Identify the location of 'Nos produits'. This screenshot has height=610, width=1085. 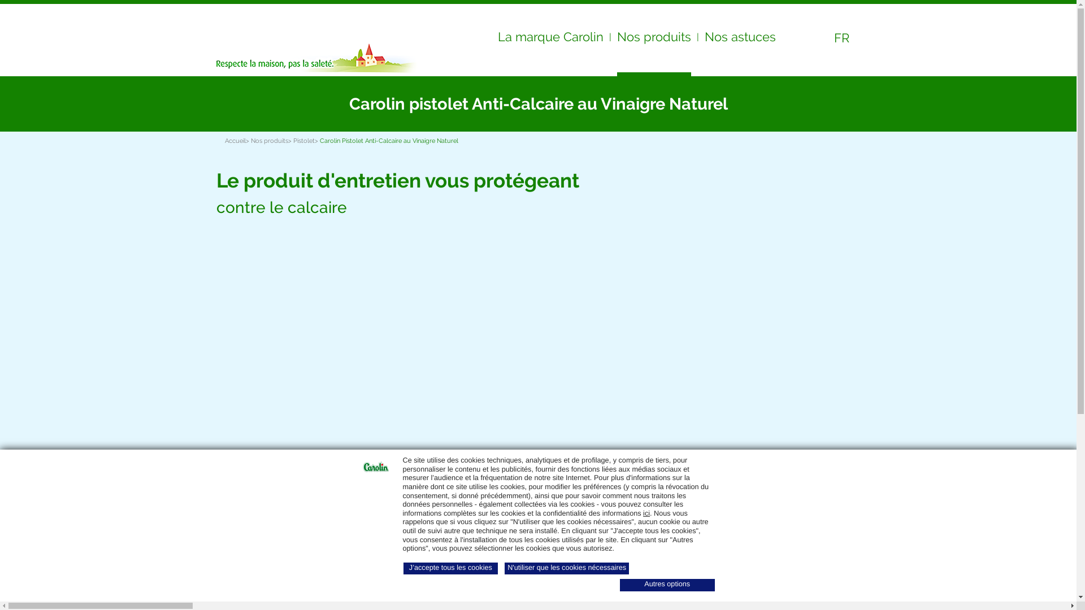
(268, 140).